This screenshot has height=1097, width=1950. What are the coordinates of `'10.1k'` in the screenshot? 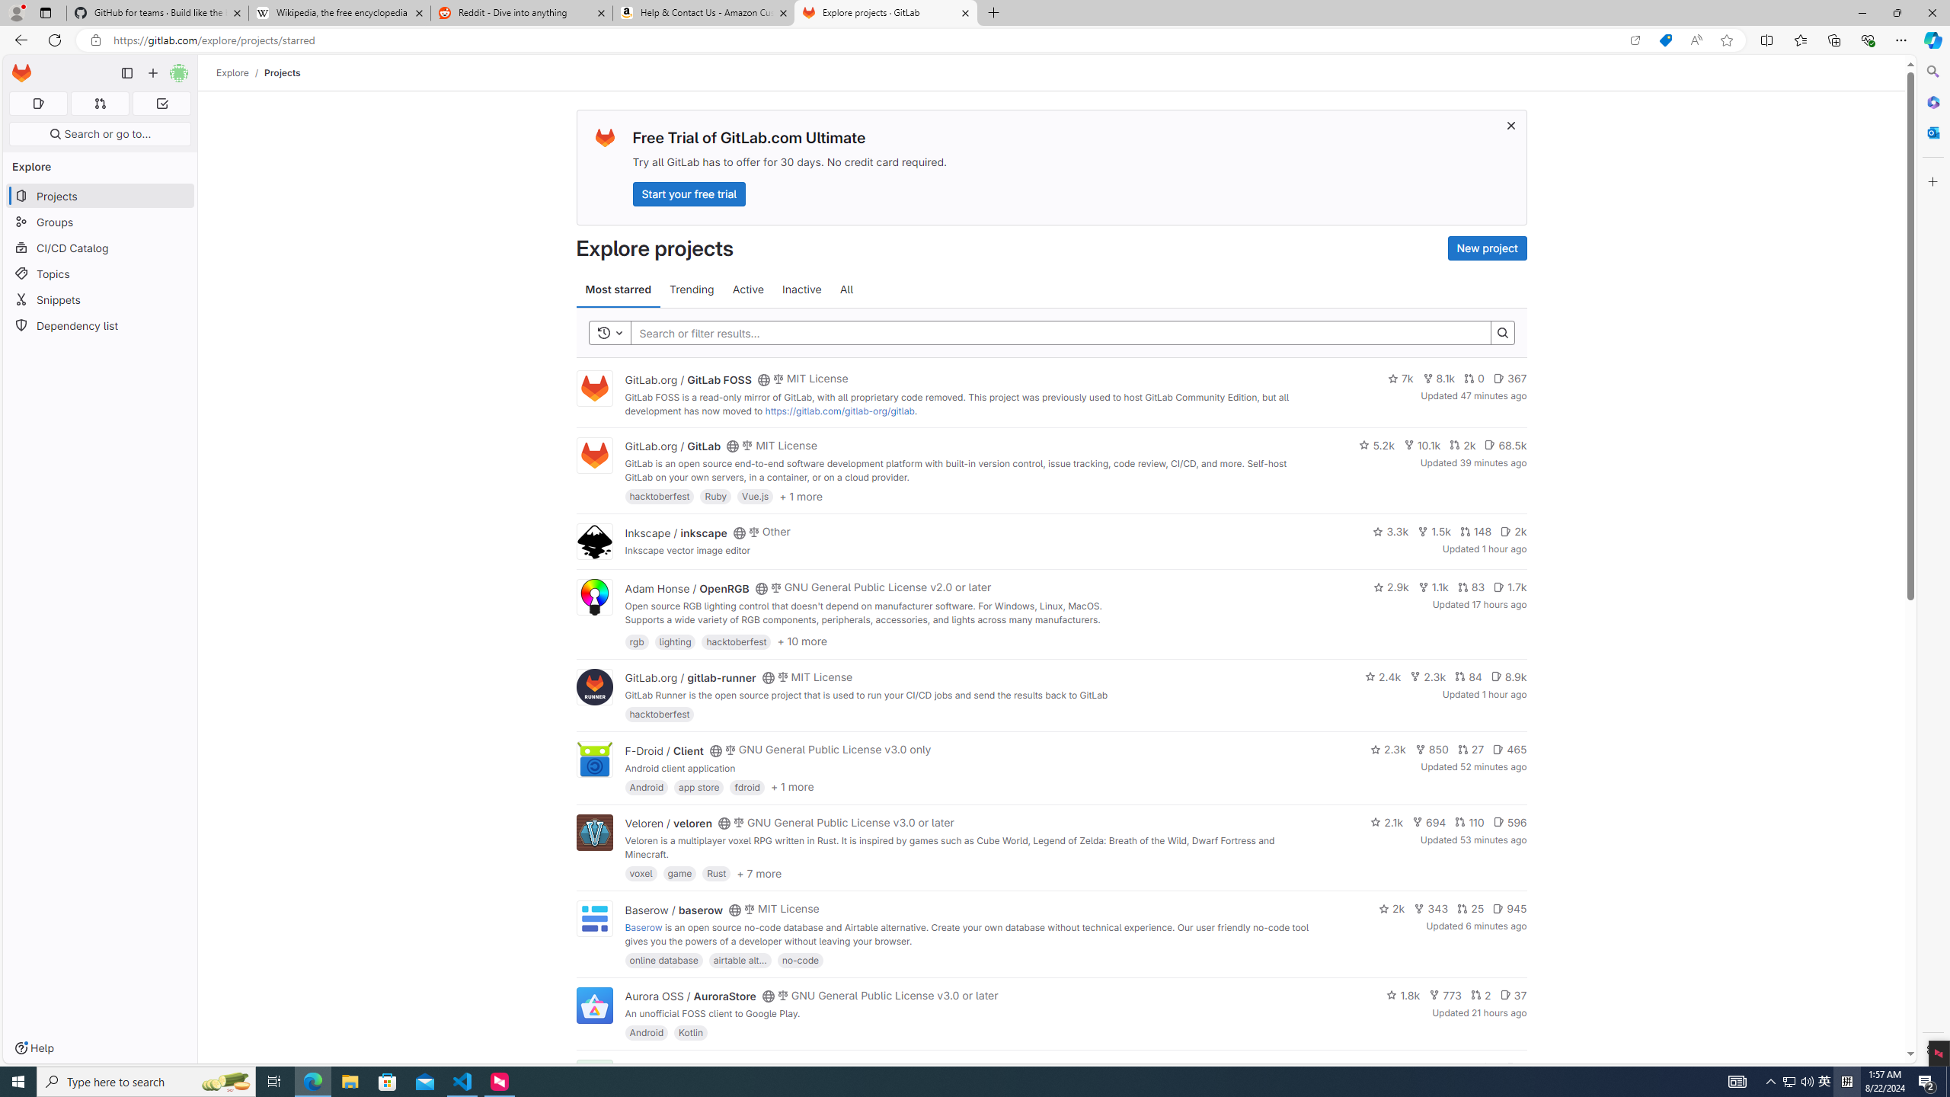 It's located at (1422, 443).